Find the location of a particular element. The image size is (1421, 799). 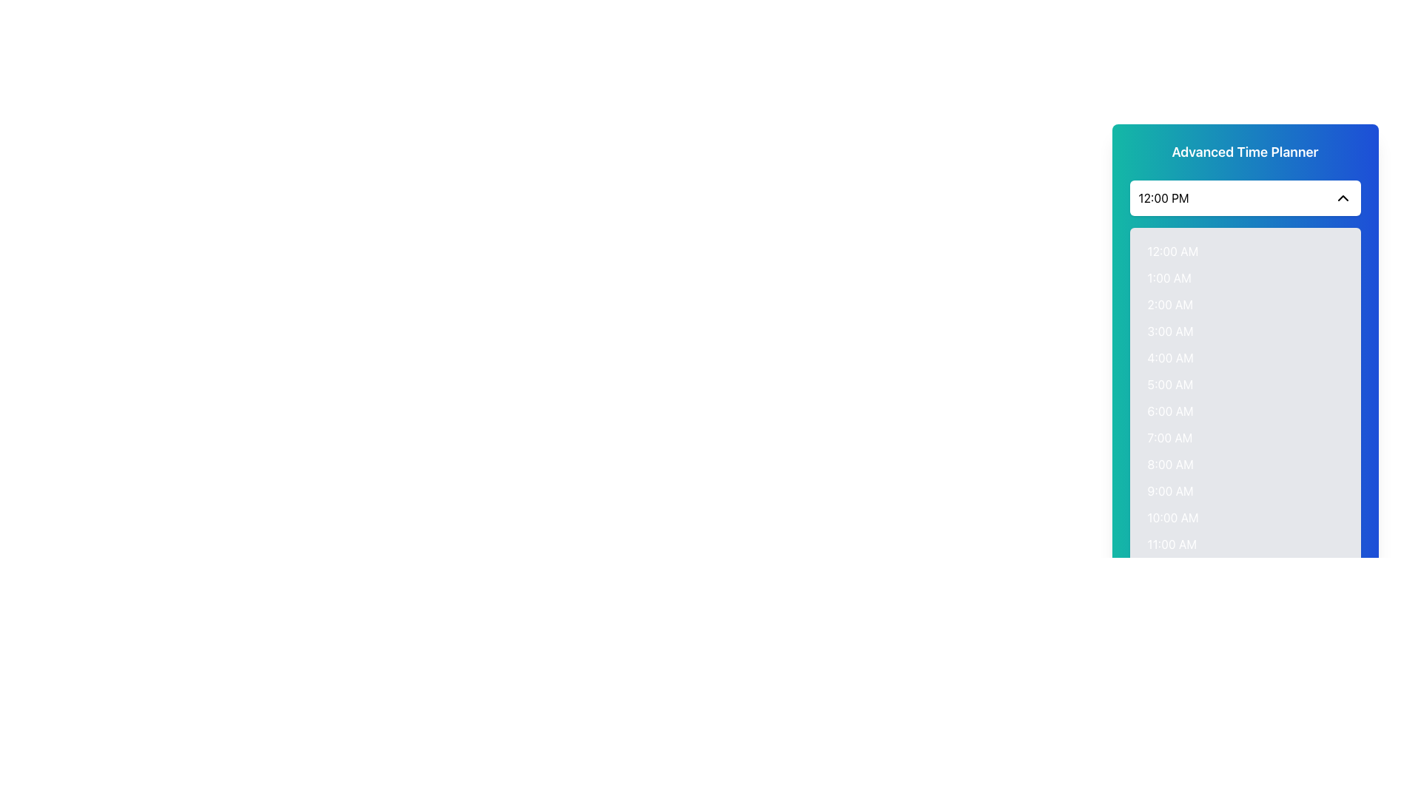

the interactive list item displaying '7:00 AM', which is the seventh item in a vertical list of time options is located at coordinates (1244, 436).